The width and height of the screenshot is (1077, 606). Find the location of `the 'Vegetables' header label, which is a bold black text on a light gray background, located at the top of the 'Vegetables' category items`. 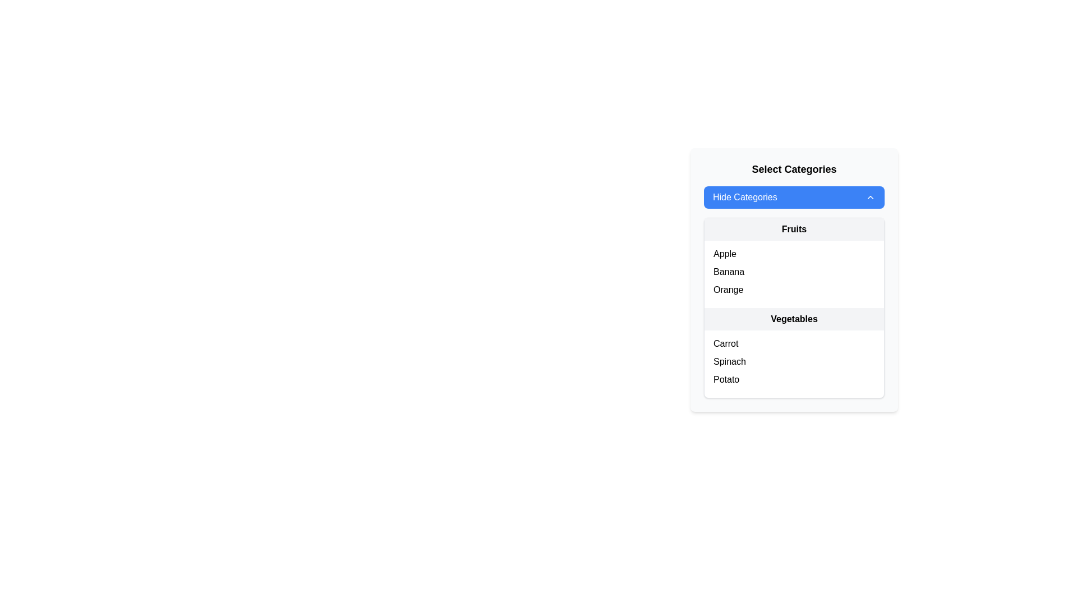

the 'Vegetables' header label, which is a bold black text on a light gray background, located at the top of the 'Vegetables' category items is located at coordinates (794, 319).